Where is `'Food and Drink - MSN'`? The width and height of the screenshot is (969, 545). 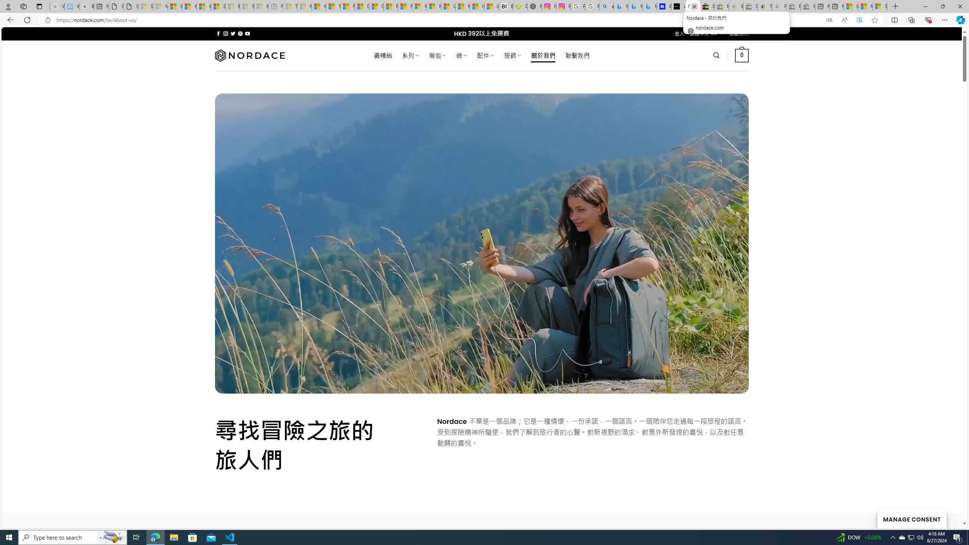
'Food and Drink - MSN' is located at coordinates (347, 6).